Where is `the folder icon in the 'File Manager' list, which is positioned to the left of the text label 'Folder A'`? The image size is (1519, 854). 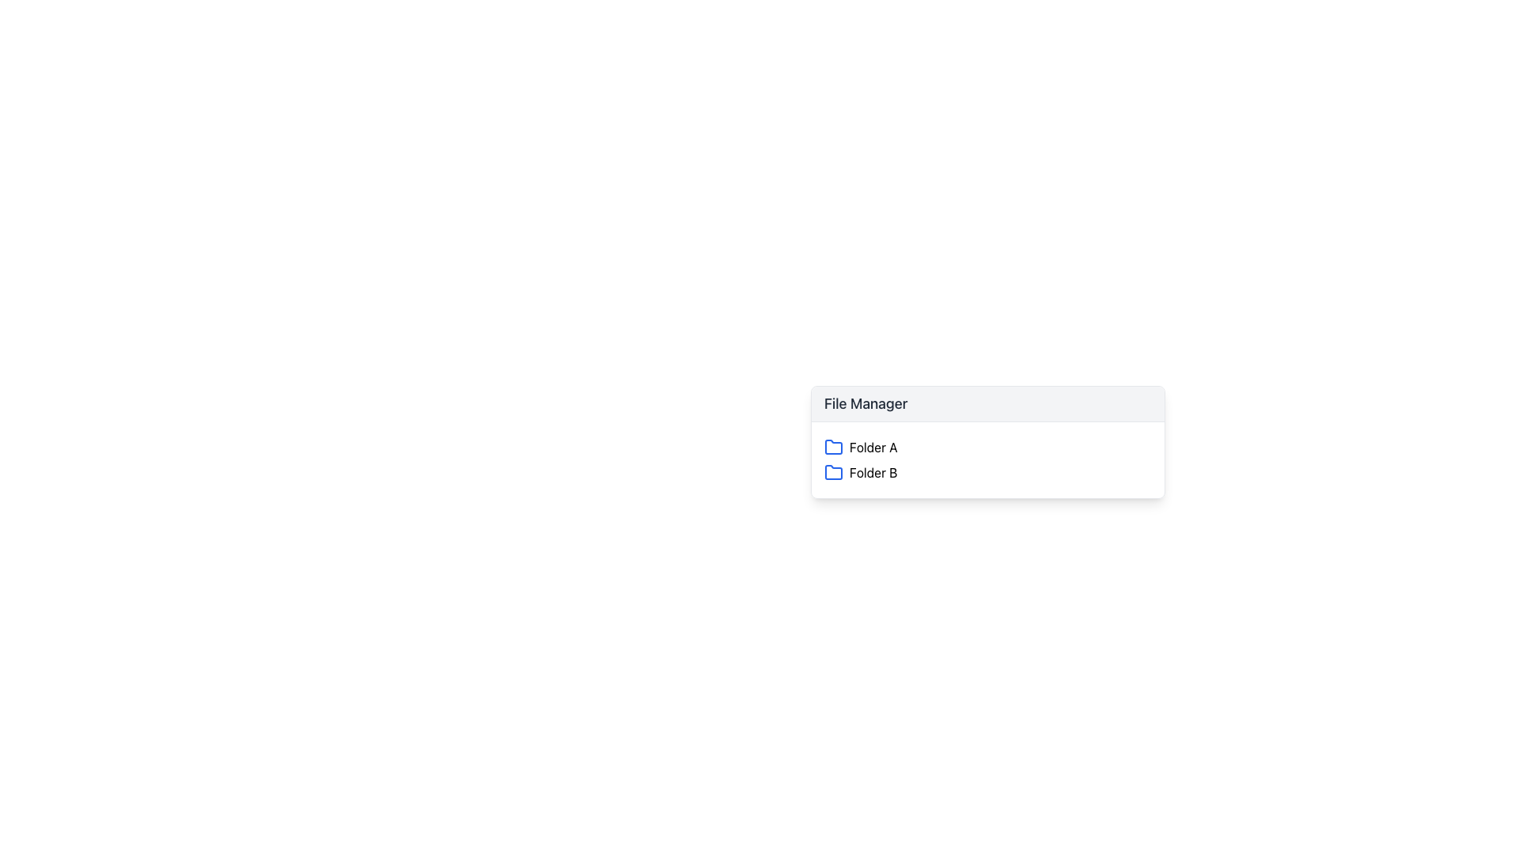 the folder icon in the 'File Manager' list, which is positioned to the left of the text label 'Folder A' is located at coordinates (833, 446).